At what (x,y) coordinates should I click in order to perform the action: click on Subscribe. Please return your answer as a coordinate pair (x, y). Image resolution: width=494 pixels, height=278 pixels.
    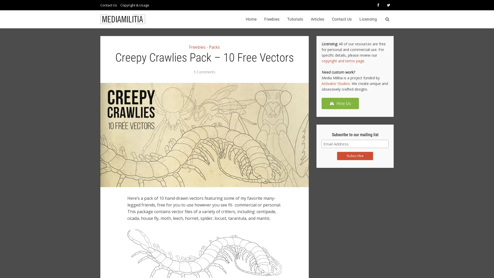
    Looking at the image, I should click on (355, 155).